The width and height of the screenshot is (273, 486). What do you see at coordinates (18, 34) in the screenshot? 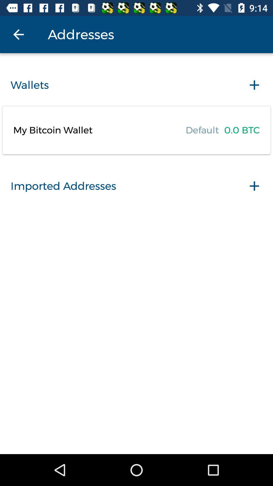
I see `item to the left of the addresses` at bounding box center [18, 34].